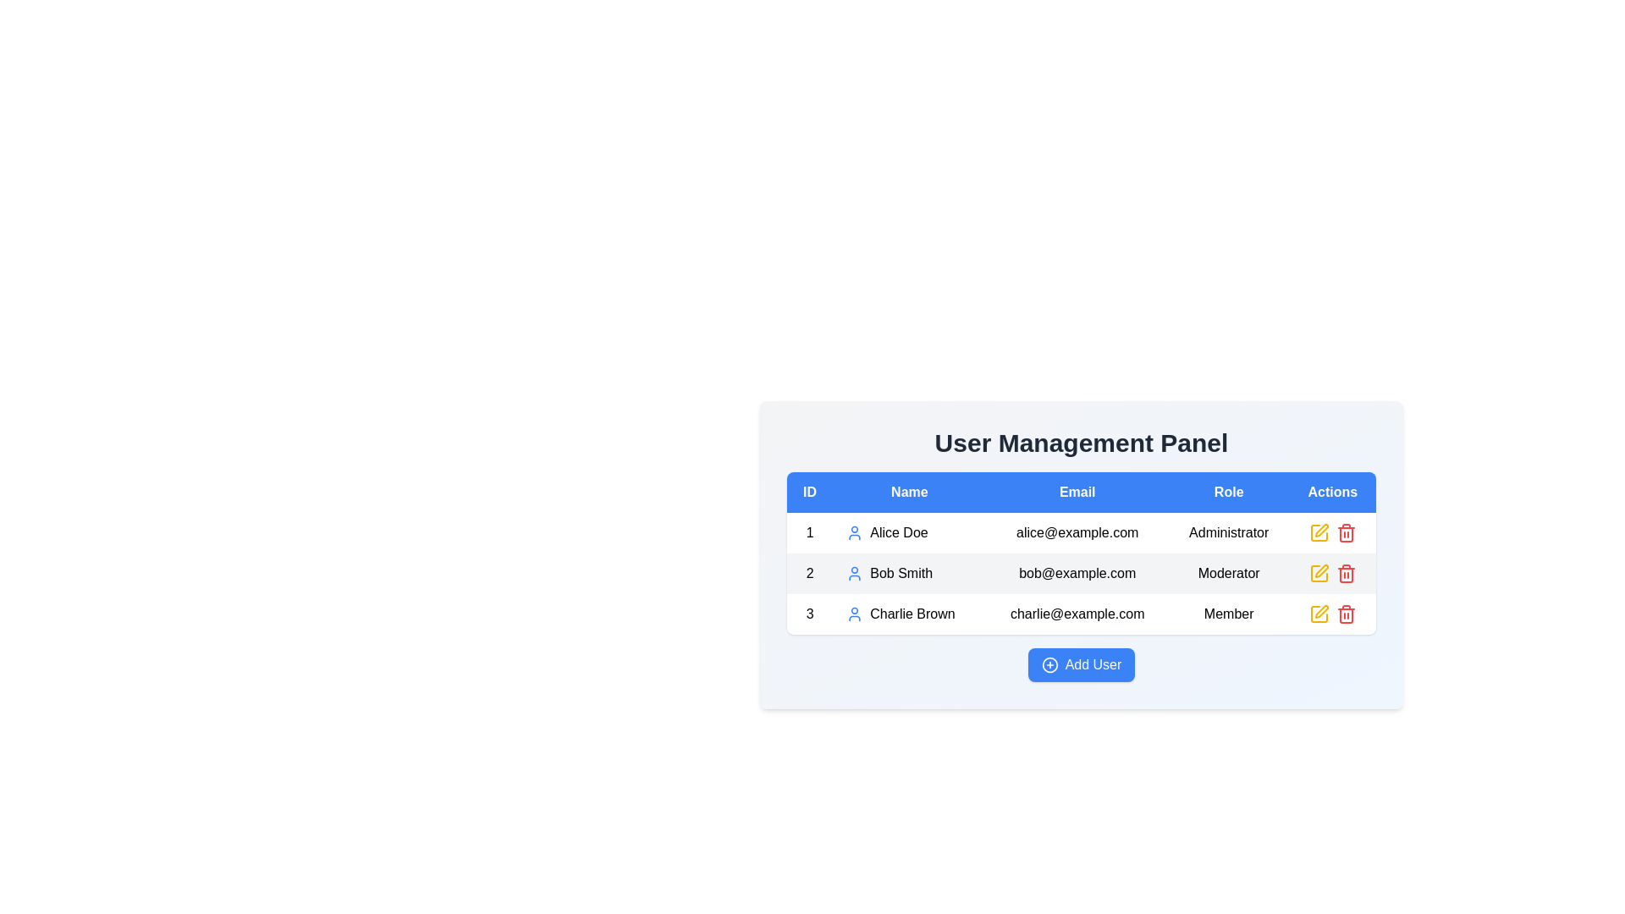  Describe the element at coordinates (809, 531) in the screenshot. I see `the first user identifier text in the user management table, located in the top-left corner of the table under the 'ID' column` at that location.